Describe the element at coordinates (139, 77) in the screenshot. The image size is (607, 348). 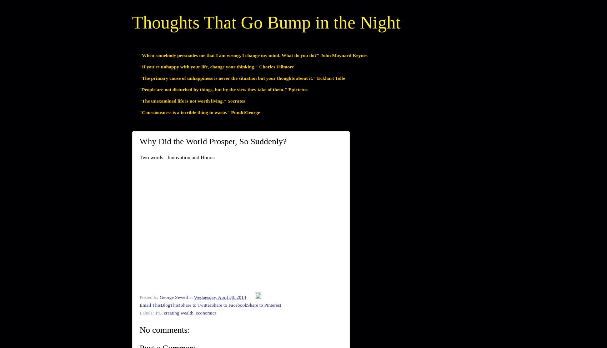
I see `'"The primary cause of unhappiness is never the situation but your thoughts about it." Eckhart Tolle'` at that location.